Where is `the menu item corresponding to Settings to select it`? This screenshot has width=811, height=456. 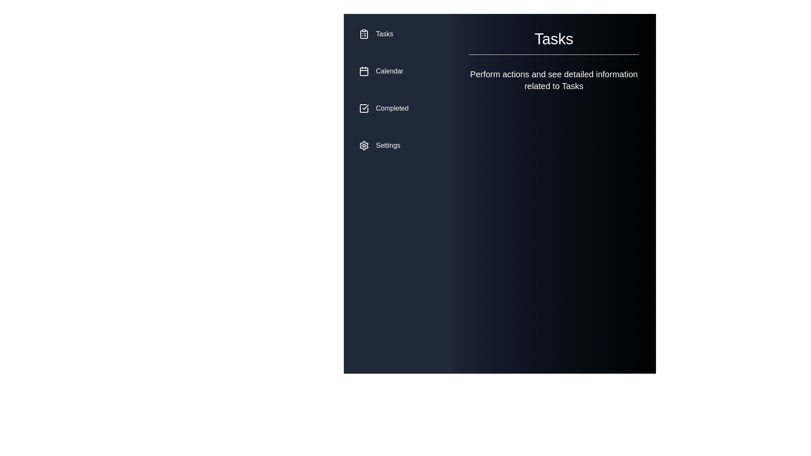 the menu item corresponding to Settings to select it is located at coordinates (397, 145).